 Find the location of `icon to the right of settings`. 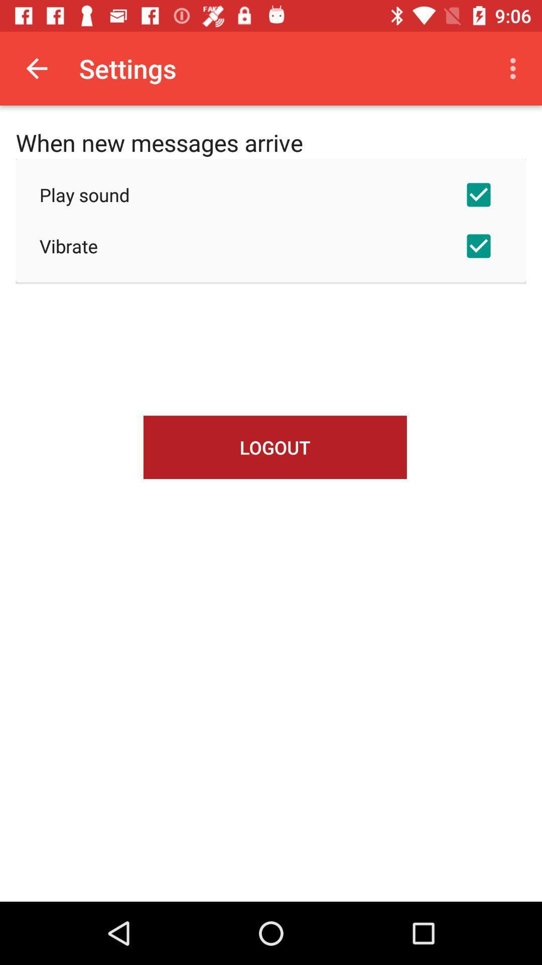

icon to the right of settings is located at coordinates (515, 68).